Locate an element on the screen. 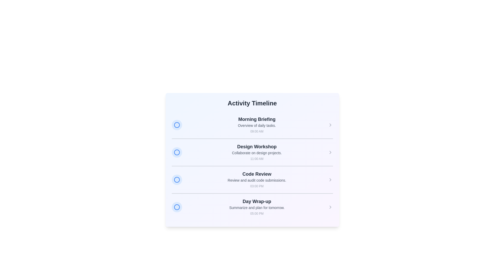 This screenshot has height=279, width=496. the static text display titled 'Morning Briefing' that shows an overview of daily tasks and a timestamp of '09:00 AM' is located at coordinates (257, 125).